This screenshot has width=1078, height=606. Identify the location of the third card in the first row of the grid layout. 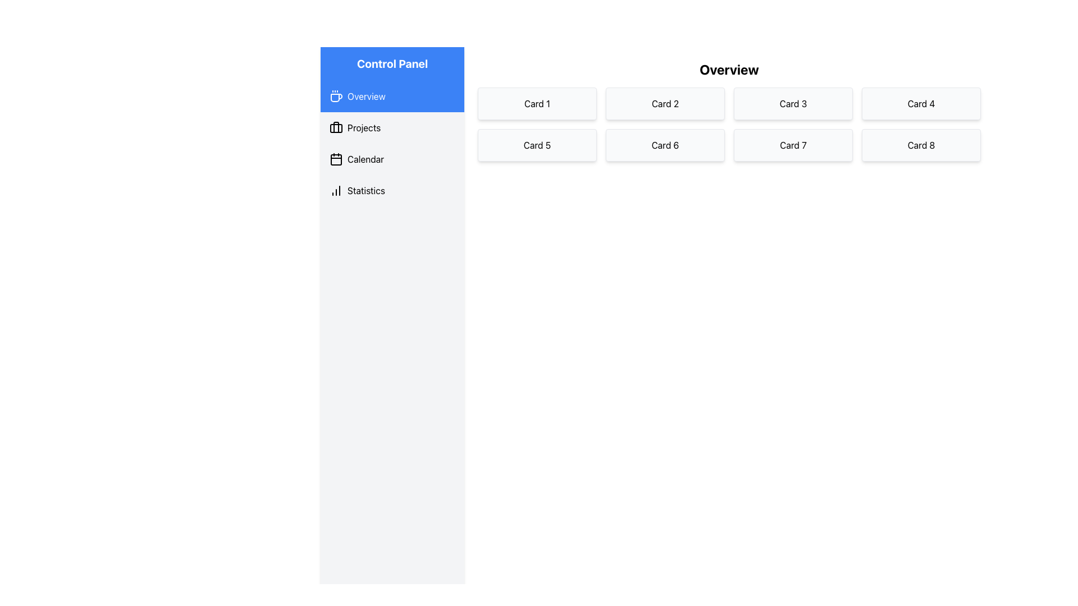
(792, 104).